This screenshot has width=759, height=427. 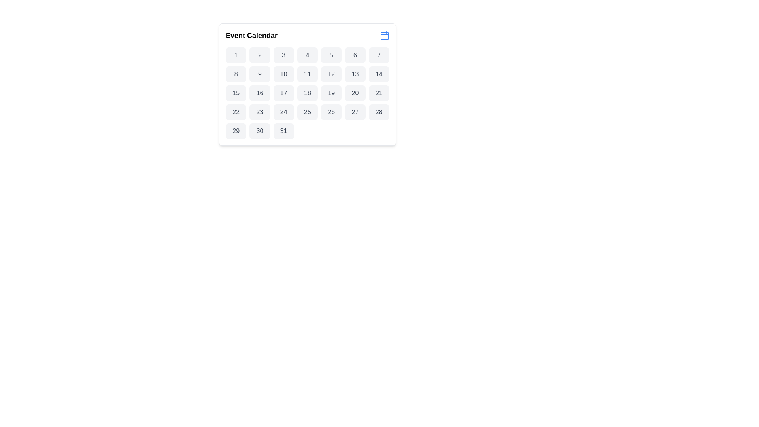 What do you see at coordinates (236, 93) in the screenshot?
I see `the rectangular button with a light gray background and the number '15' centered in dark gray text, which is the fifteenth button in a grid structure located in a calendar-like interface` at bounding box center [236, 93].